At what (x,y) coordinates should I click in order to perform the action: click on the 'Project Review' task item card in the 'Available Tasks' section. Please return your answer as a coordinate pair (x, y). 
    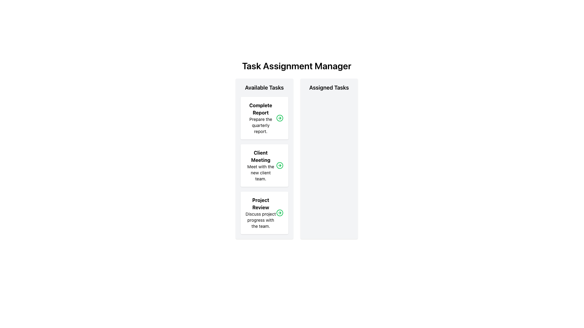
    Looking at the image, I should click on (264, 213).